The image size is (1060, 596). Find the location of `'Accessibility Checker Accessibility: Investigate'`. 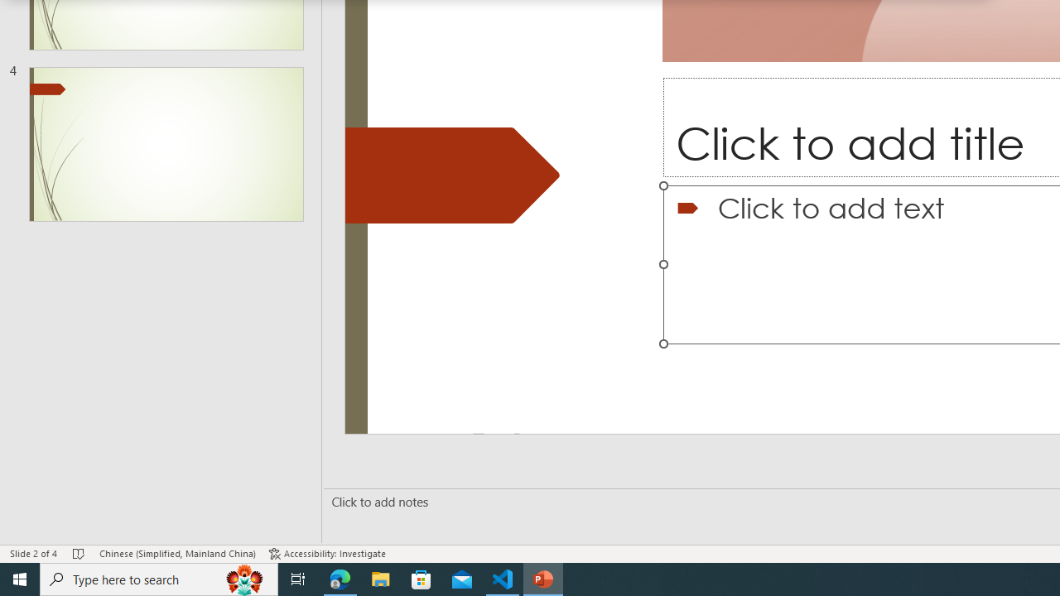

'Accessibility Checker Accessibility: Investigate' is located at coordinates (327, 554).